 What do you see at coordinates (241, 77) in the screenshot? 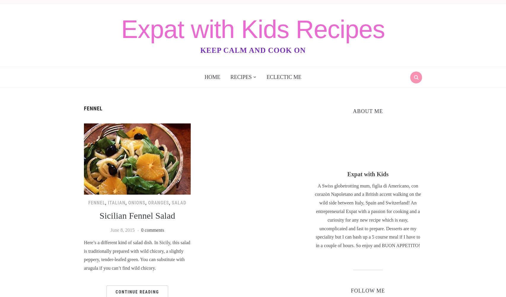
I see `'Recipes'` at bounding box center [241, 77].